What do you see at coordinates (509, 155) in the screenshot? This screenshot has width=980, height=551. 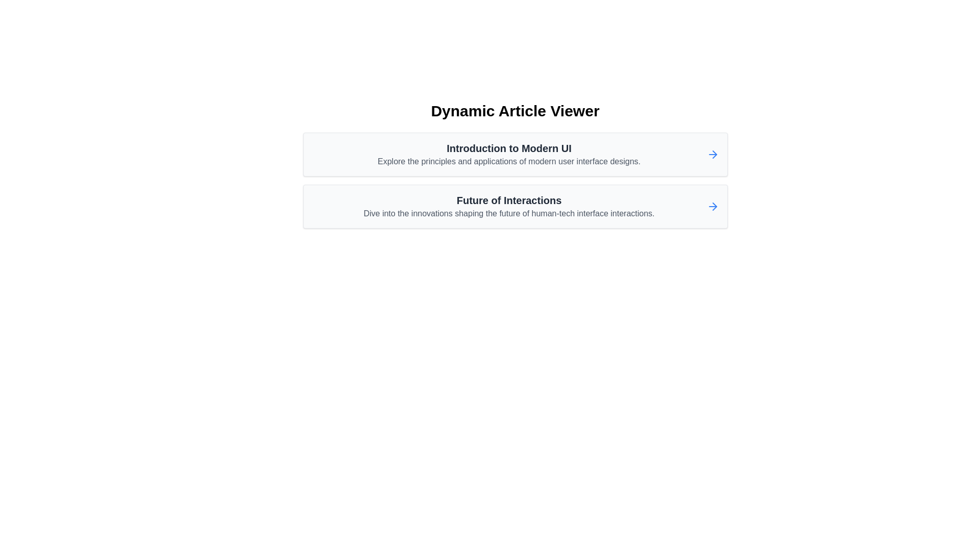 I see `the informational text block titled 'Introduction to Modern UI' which contains a subtitle about modern user interface designs, located centrally below the main header 'Dynamic Article Viewer.'` at bounding box center [509, 155].